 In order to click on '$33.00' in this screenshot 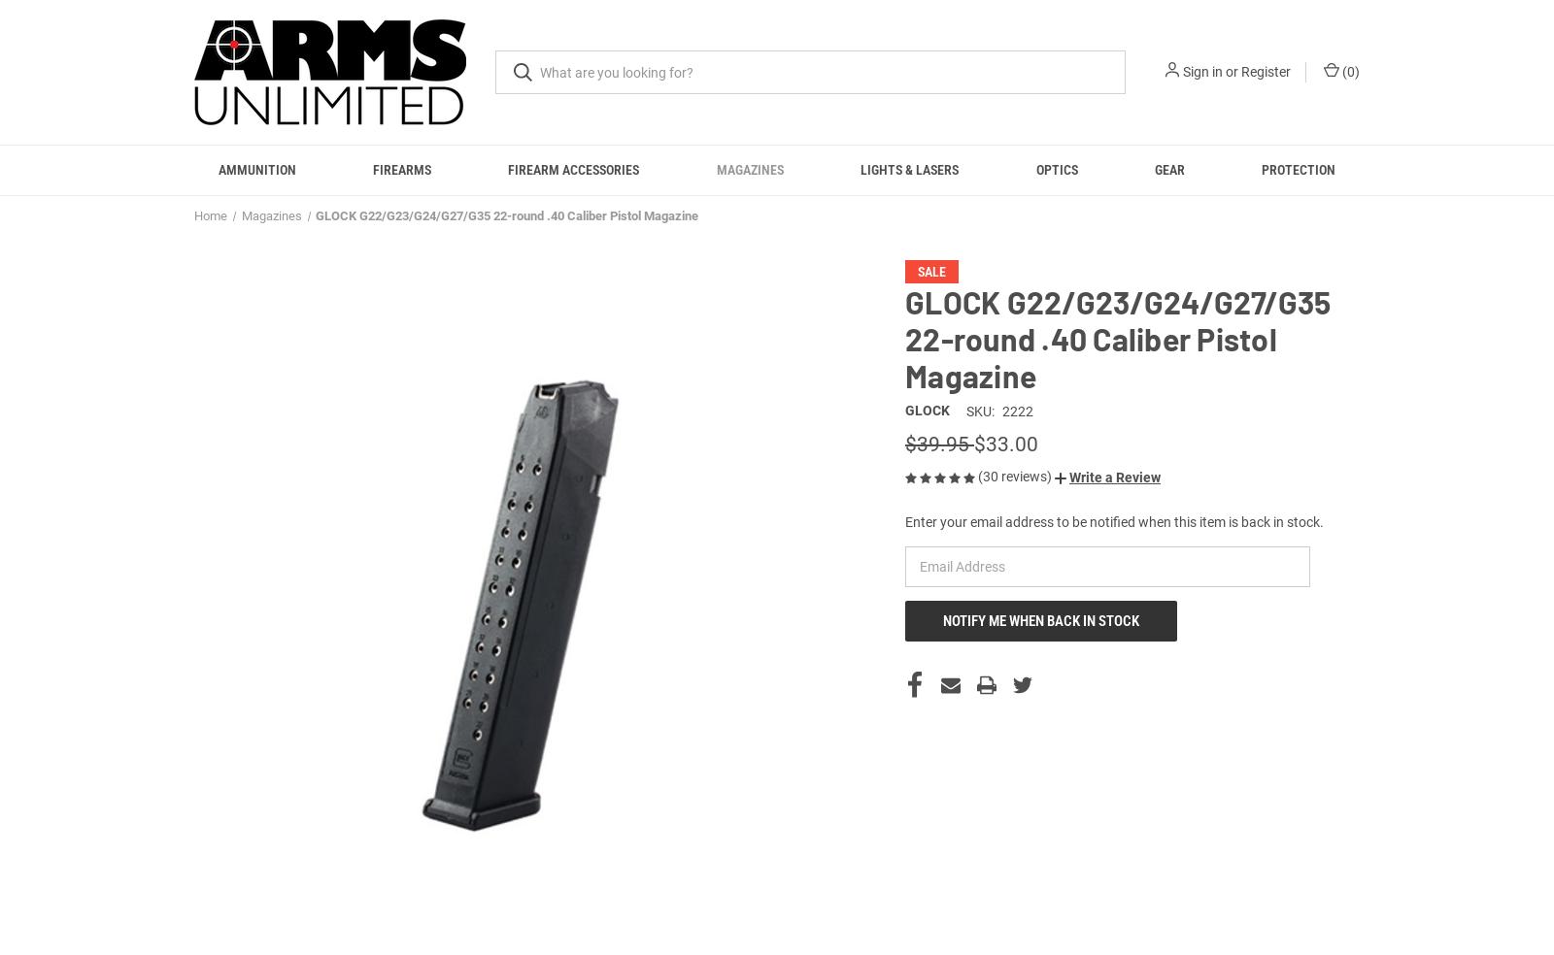, I will do `click(1006, 466)`.